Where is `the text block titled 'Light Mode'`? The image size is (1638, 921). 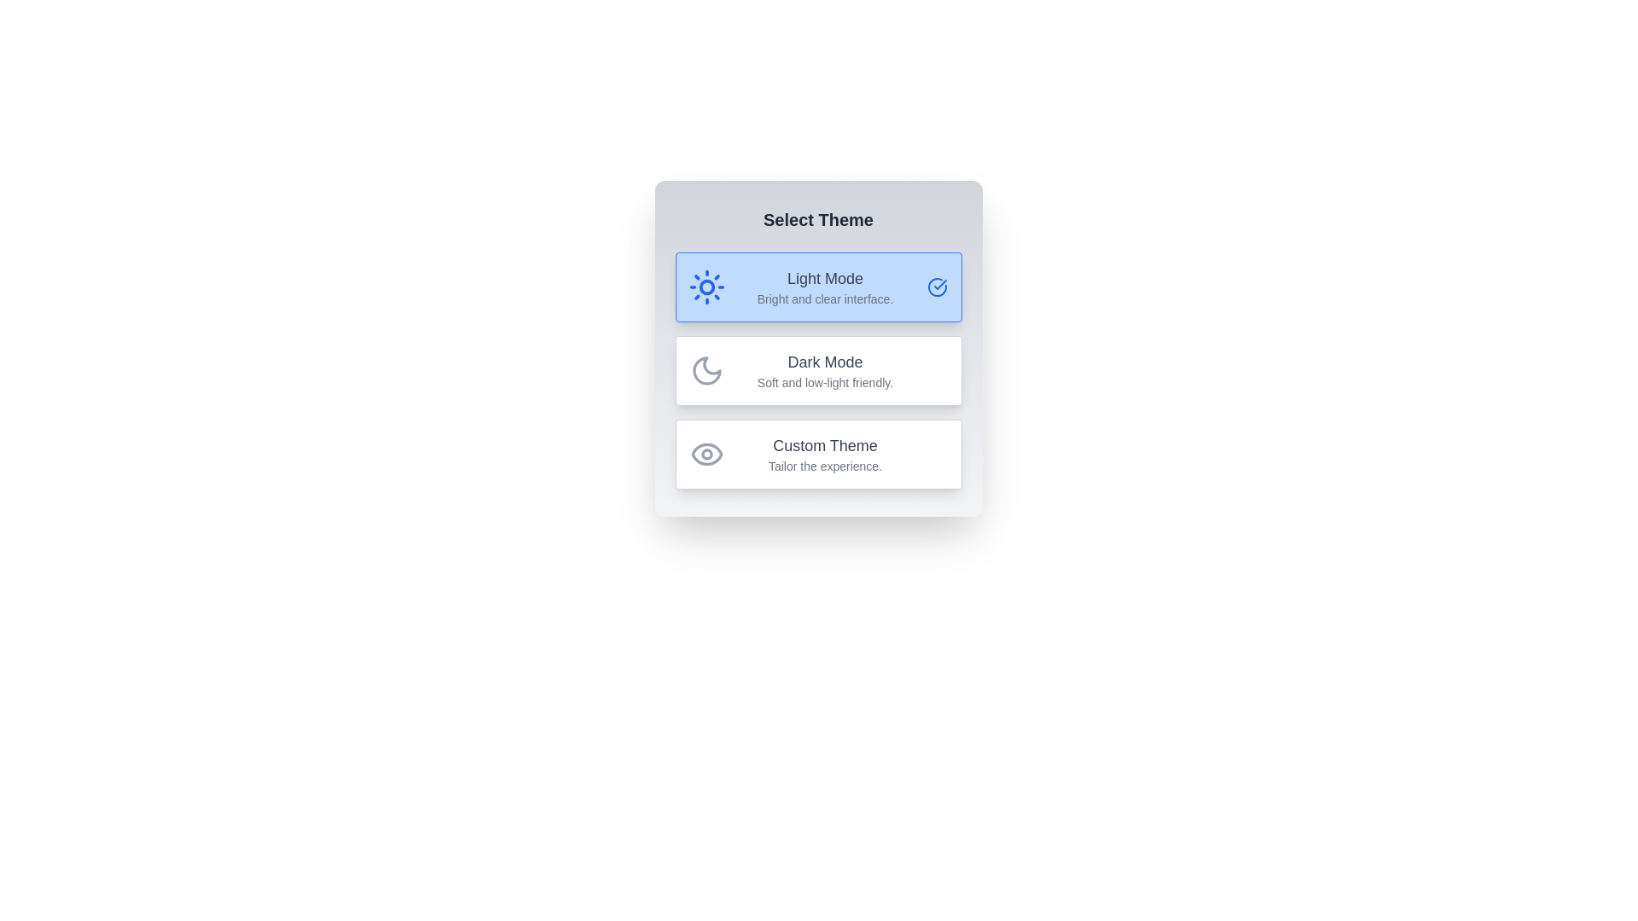
the text block titled 'Light Mode' is located at coordinates (825, 286).